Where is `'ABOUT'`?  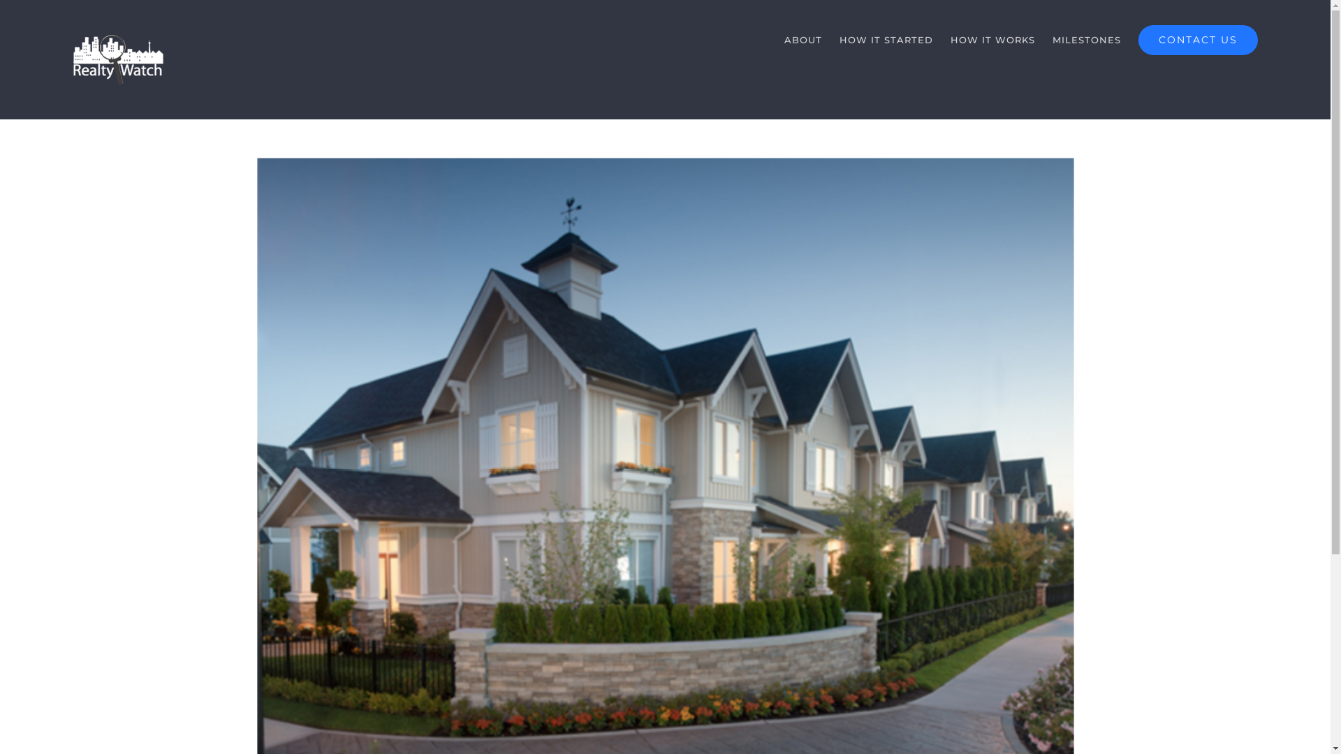 'ABOUT' is located at coordinates (784, 39).